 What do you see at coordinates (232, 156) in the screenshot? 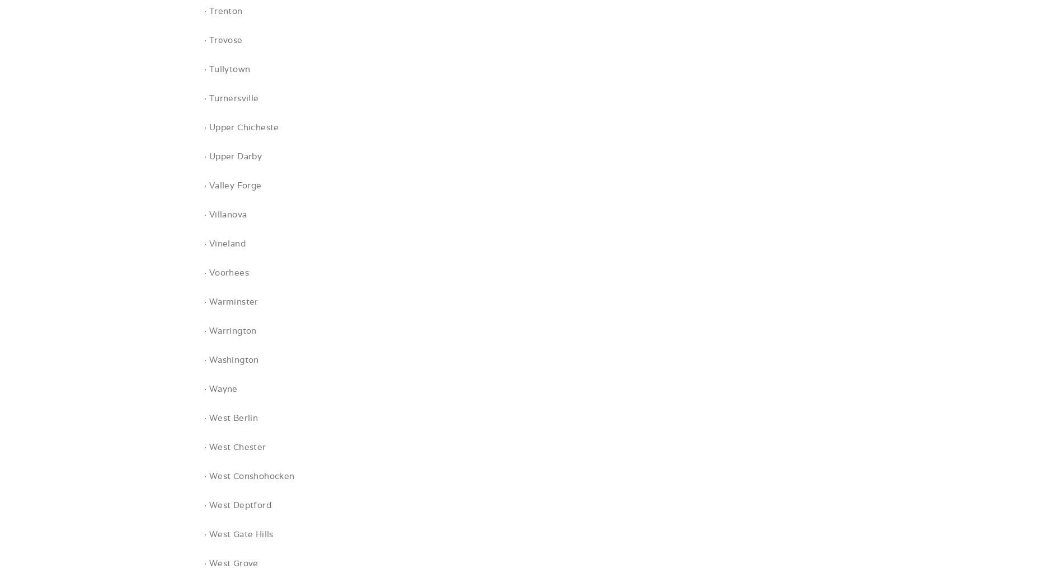
I see `'· Upper Darby'` at bounding box center [232, 156].